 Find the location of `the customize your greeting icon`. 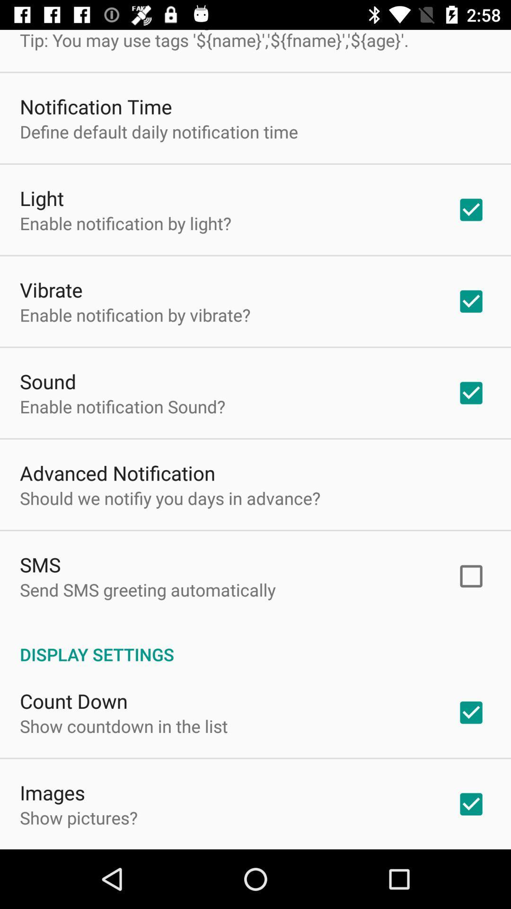

the customize your greeting icon is located at coordinates (214, 40).